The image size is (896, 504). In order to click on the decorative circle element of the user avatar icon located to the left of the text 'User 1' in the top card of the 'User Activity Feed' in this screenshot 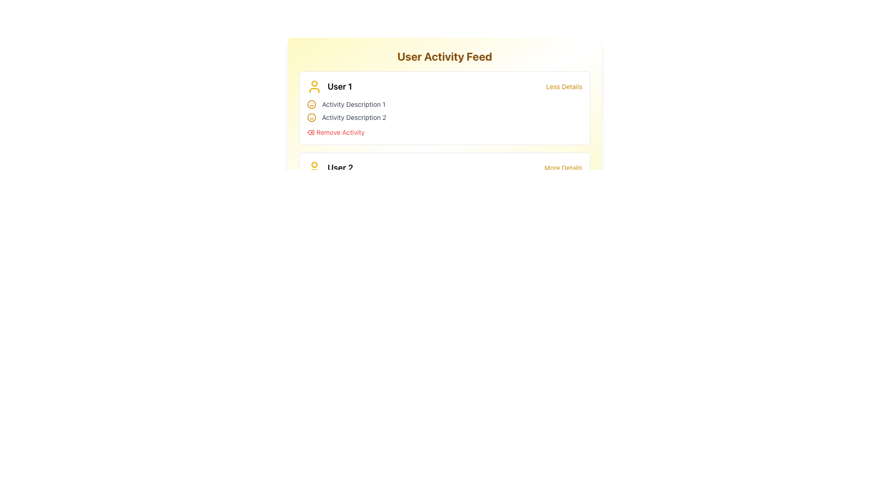, I will do `click(314, 83)`.